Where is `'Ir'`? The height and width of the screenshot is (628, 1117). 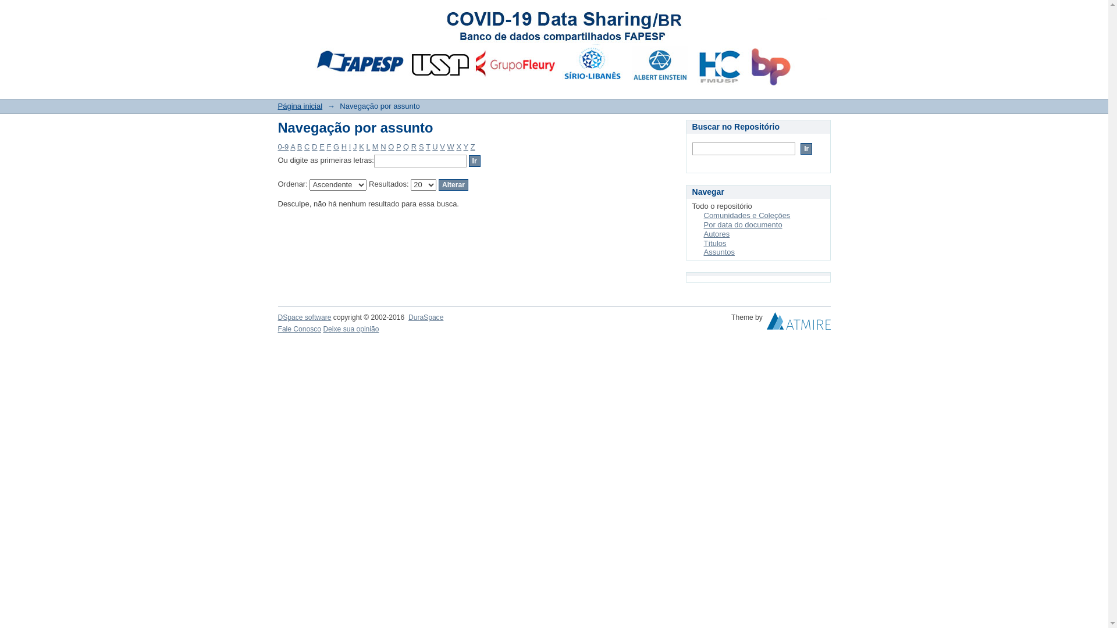 'Ir' is located at coordinates (475, 161).